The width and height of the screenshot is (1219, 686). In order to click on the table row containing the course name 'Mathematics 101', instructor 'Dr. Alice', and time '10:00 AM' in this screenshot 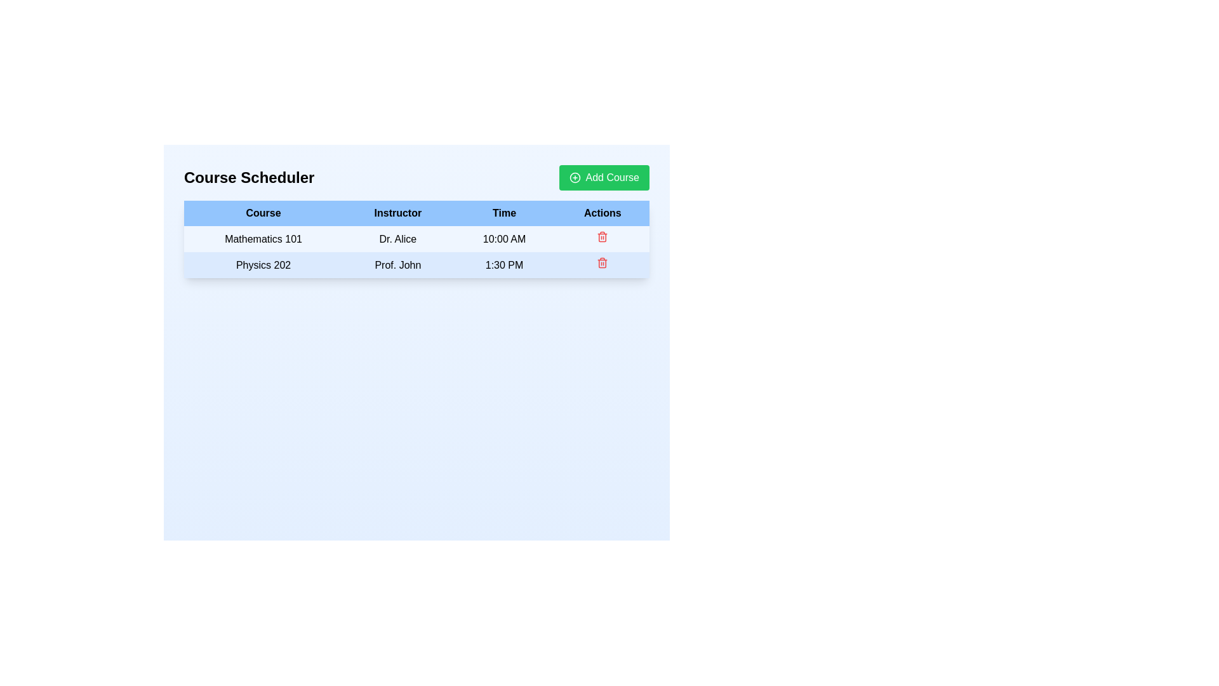, I will do `click(416, 252)`.